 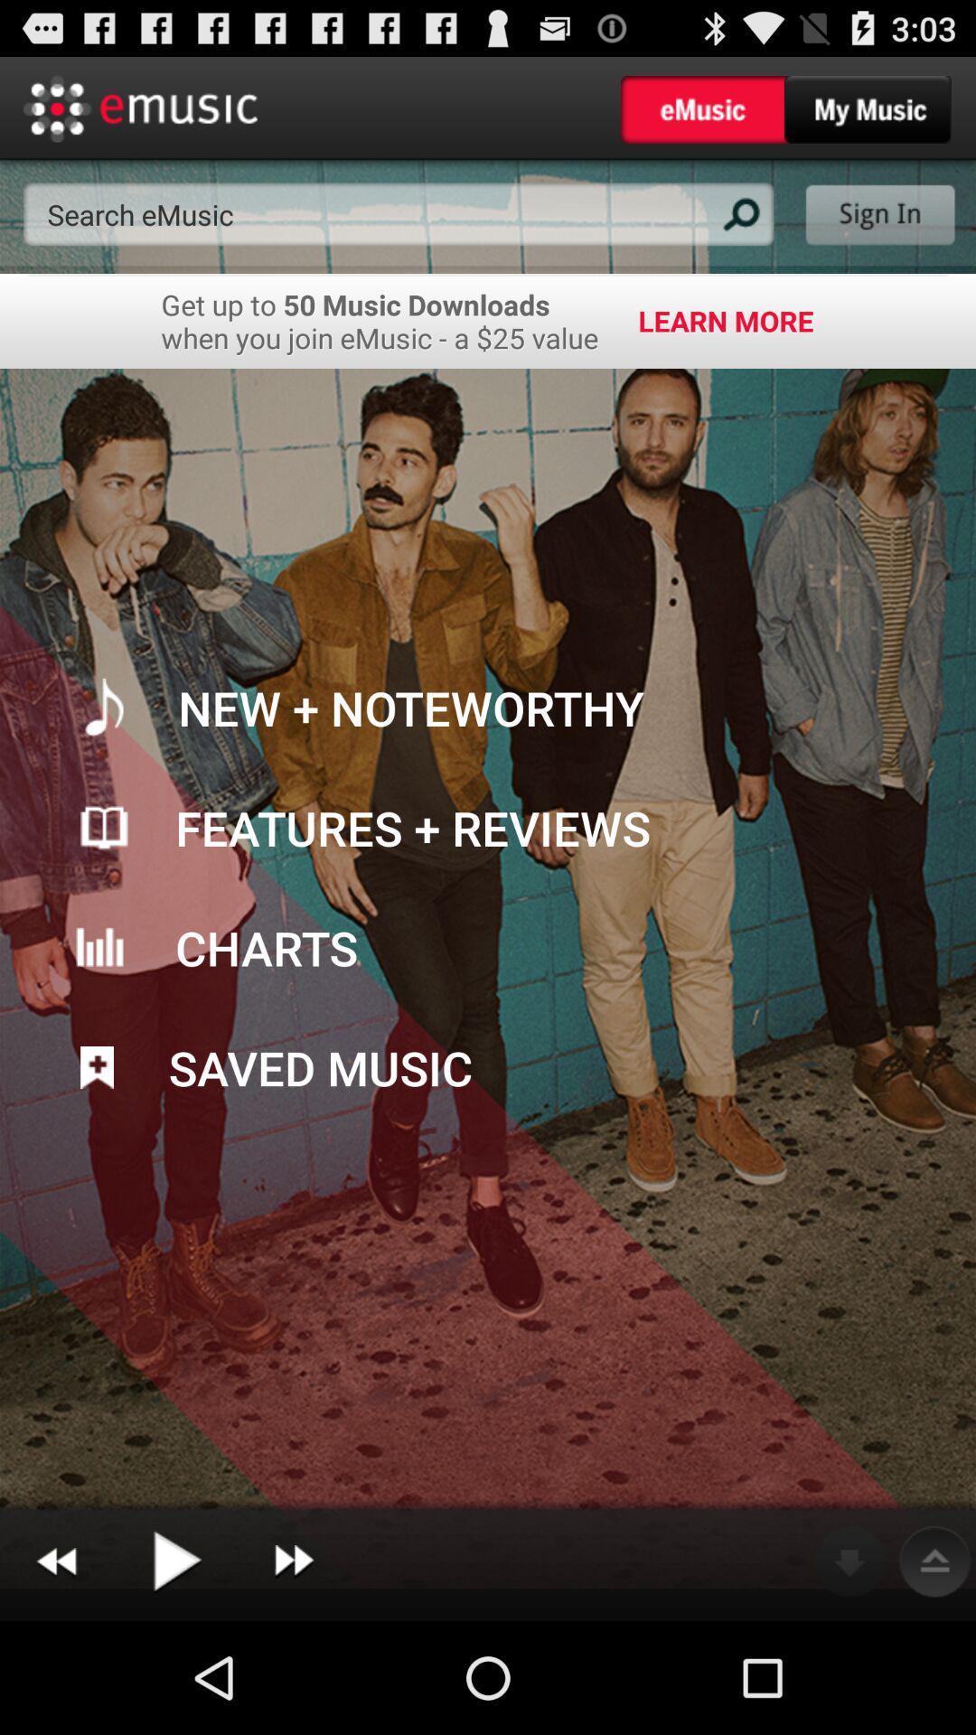 What do you see at coordinates (738, 229) in the screenshot?
I see `the search icon` at bounding box center [738, 229].